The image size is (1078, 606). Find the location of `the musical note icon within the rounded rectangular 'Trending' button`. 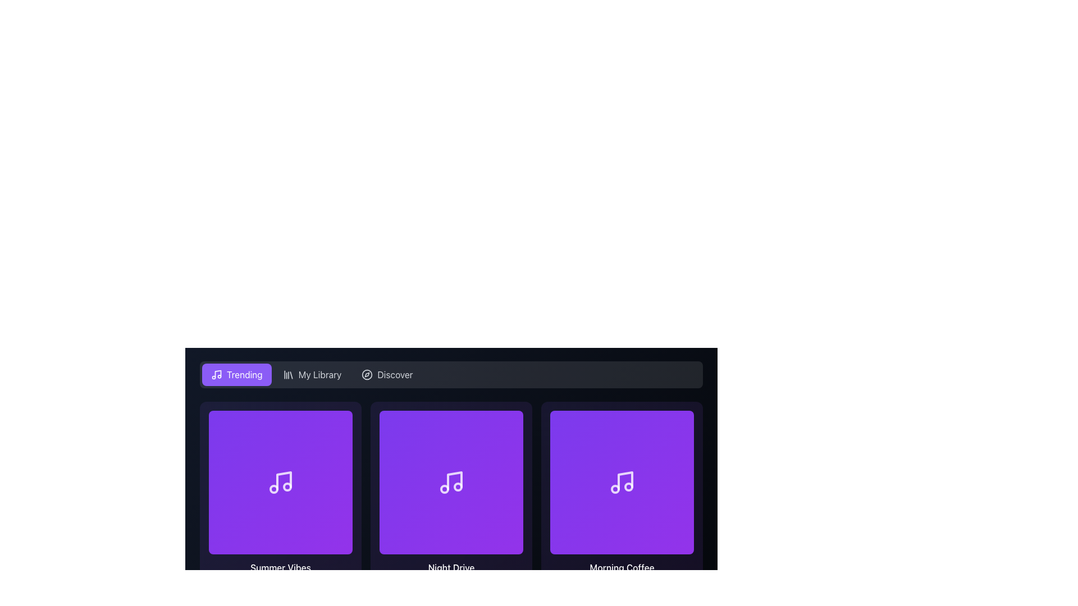

the musical note icon within the rounded rectangular 'Trending' button is located at coordinates (216, 374).